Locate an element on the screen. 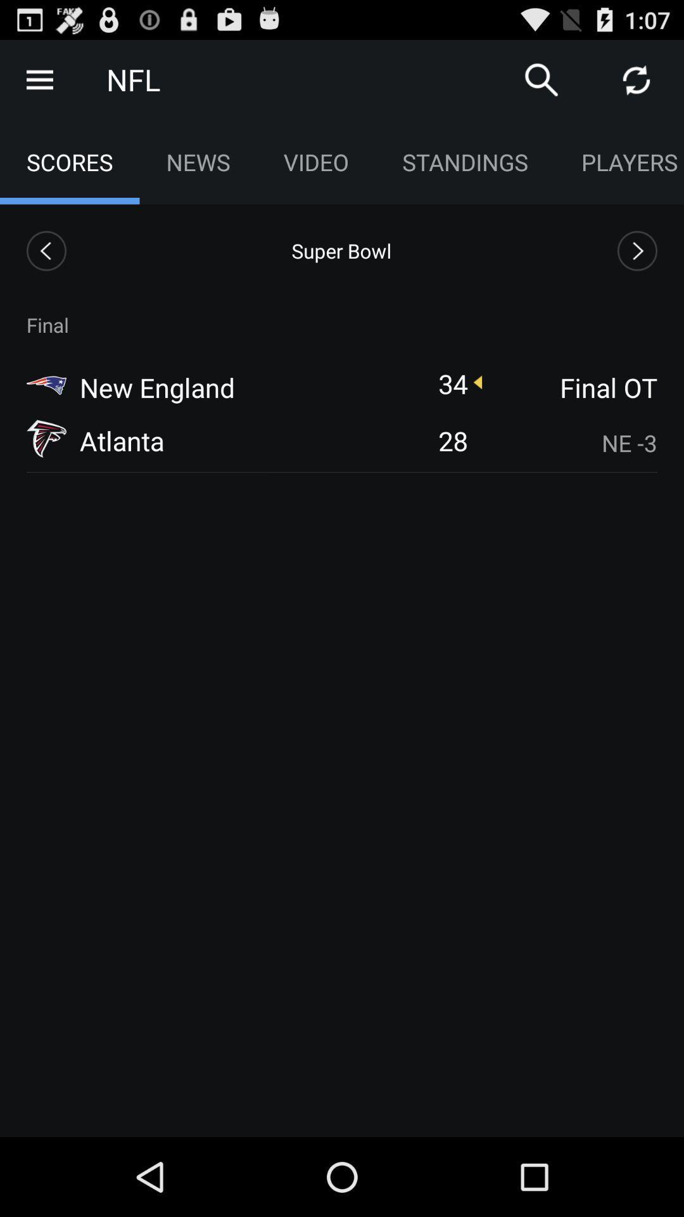 This screenshot has width=684, height=1217. the item next to the video app is located at coordinates (541, 79).